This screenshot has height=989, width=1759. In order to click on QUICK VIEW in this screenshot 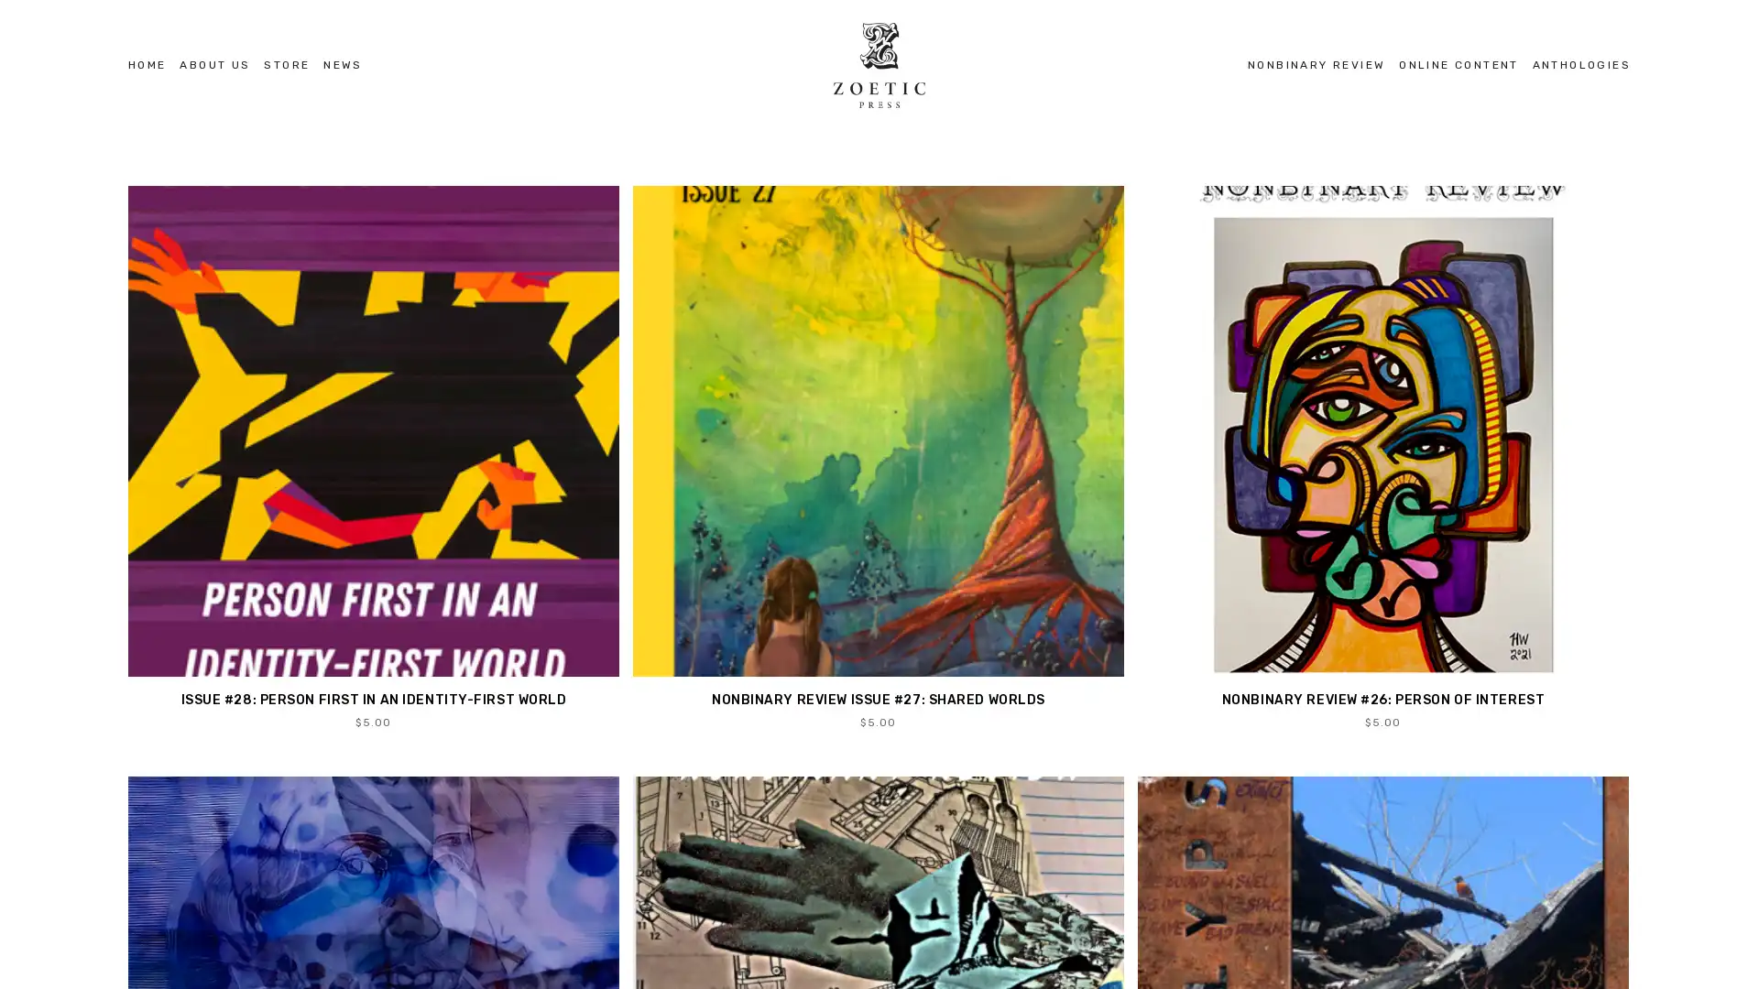, I will do `click(877, 457)`.